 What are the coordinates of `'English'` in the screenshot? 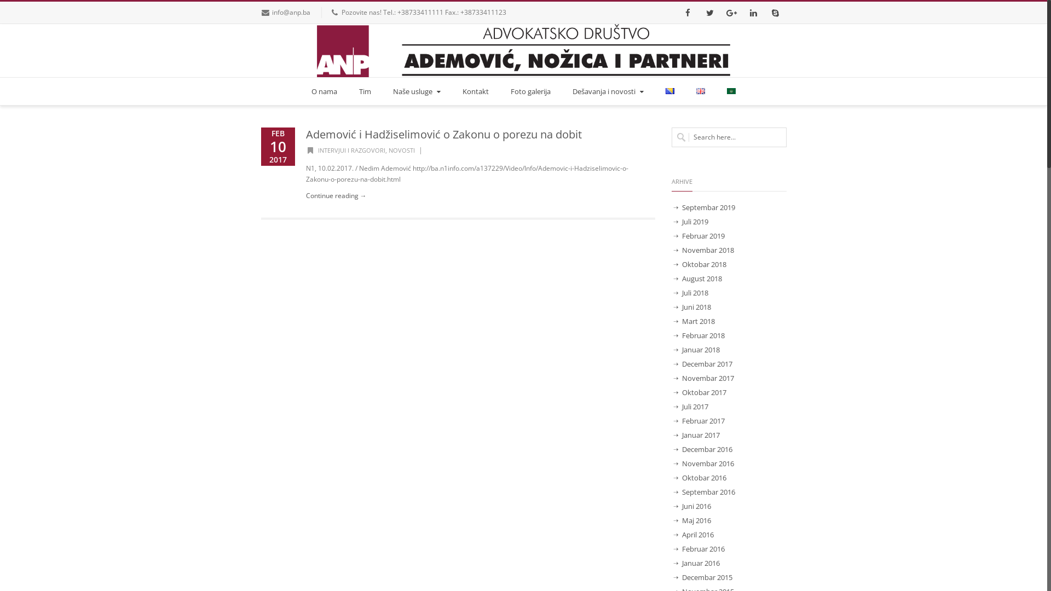 It's located at (701, 90).